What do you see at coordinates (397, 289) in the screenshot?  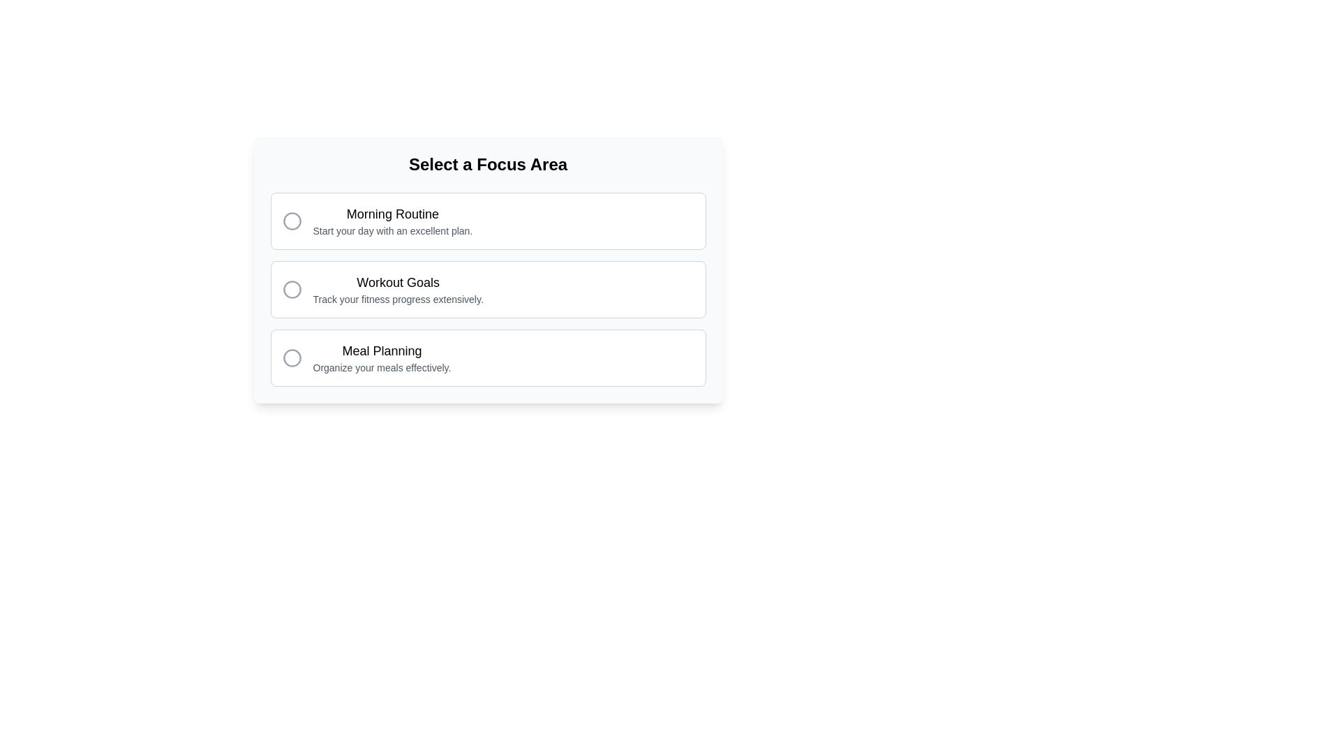 I see `text block labeled 'Workout Goals' which is the second selectable option in the list under the heading 'Select a Focus Area'` at bounding box center [397, 289].